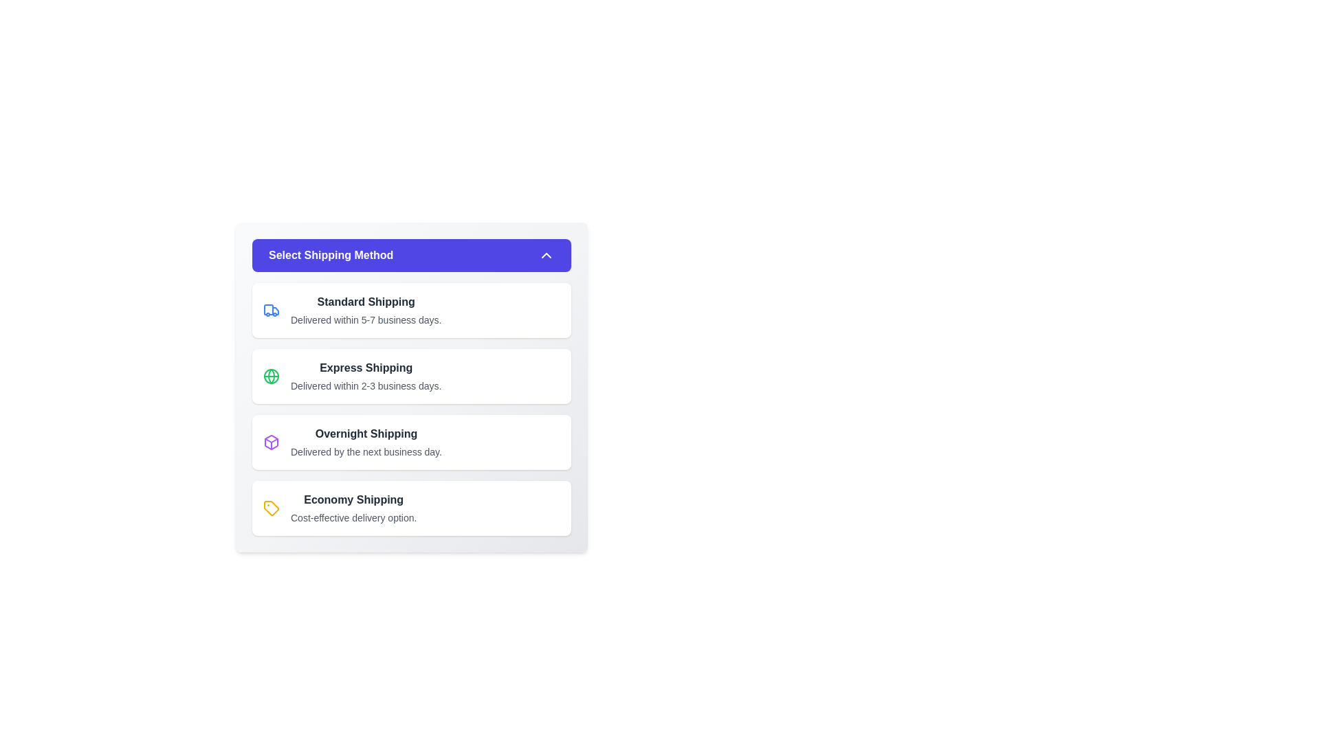  I want to click on the descriptive text providing additional details about the 'Overnight Shipping' option, which is the second line of text under the 'Overnight Shipping' label, so click(366, 452).